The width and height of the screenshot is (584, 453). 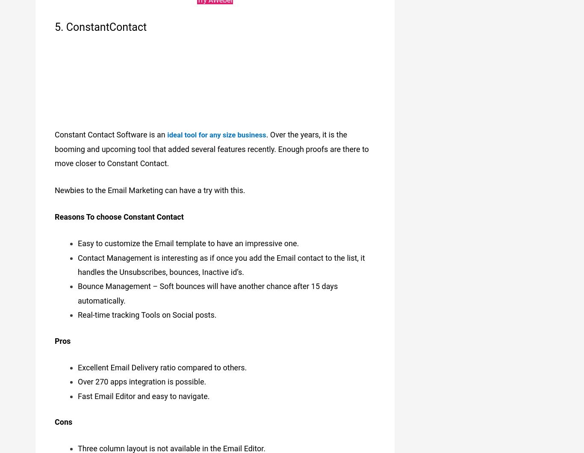 What do you see at coordinates (212, 144) in the screenshot?
I see `'. Over the years, it is the booming and upcoming tool that added several features recently. Enough proofs are there to move closer to Constant Contact.'` at bounding box center [212, 144].